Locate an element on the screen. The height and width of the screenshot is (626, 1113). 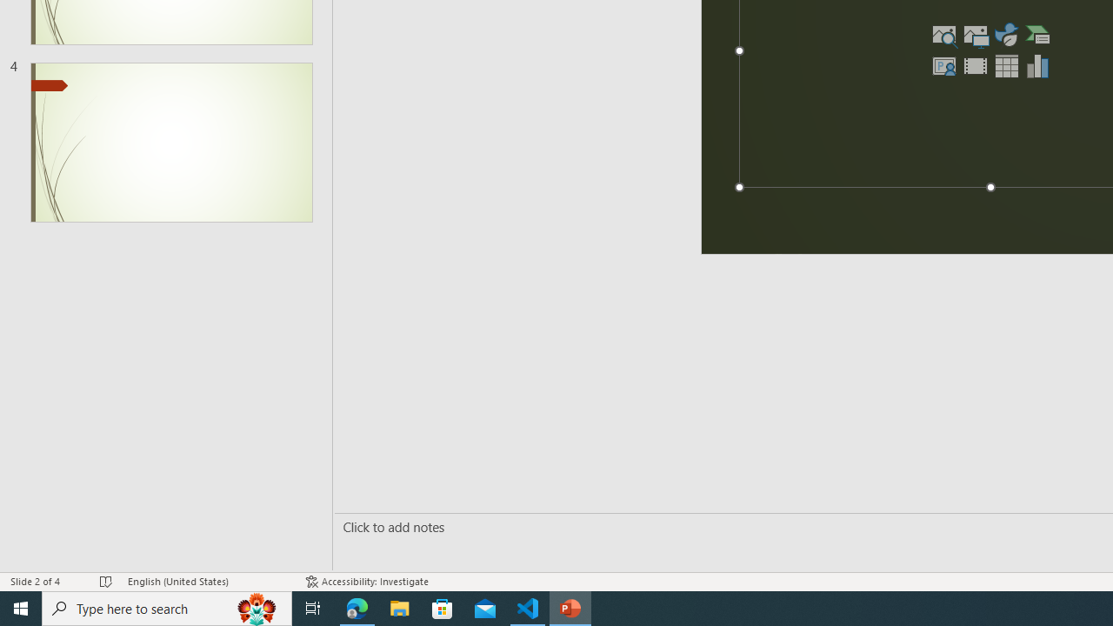
'Insert Chart' is located at coordinates (1037, 64).